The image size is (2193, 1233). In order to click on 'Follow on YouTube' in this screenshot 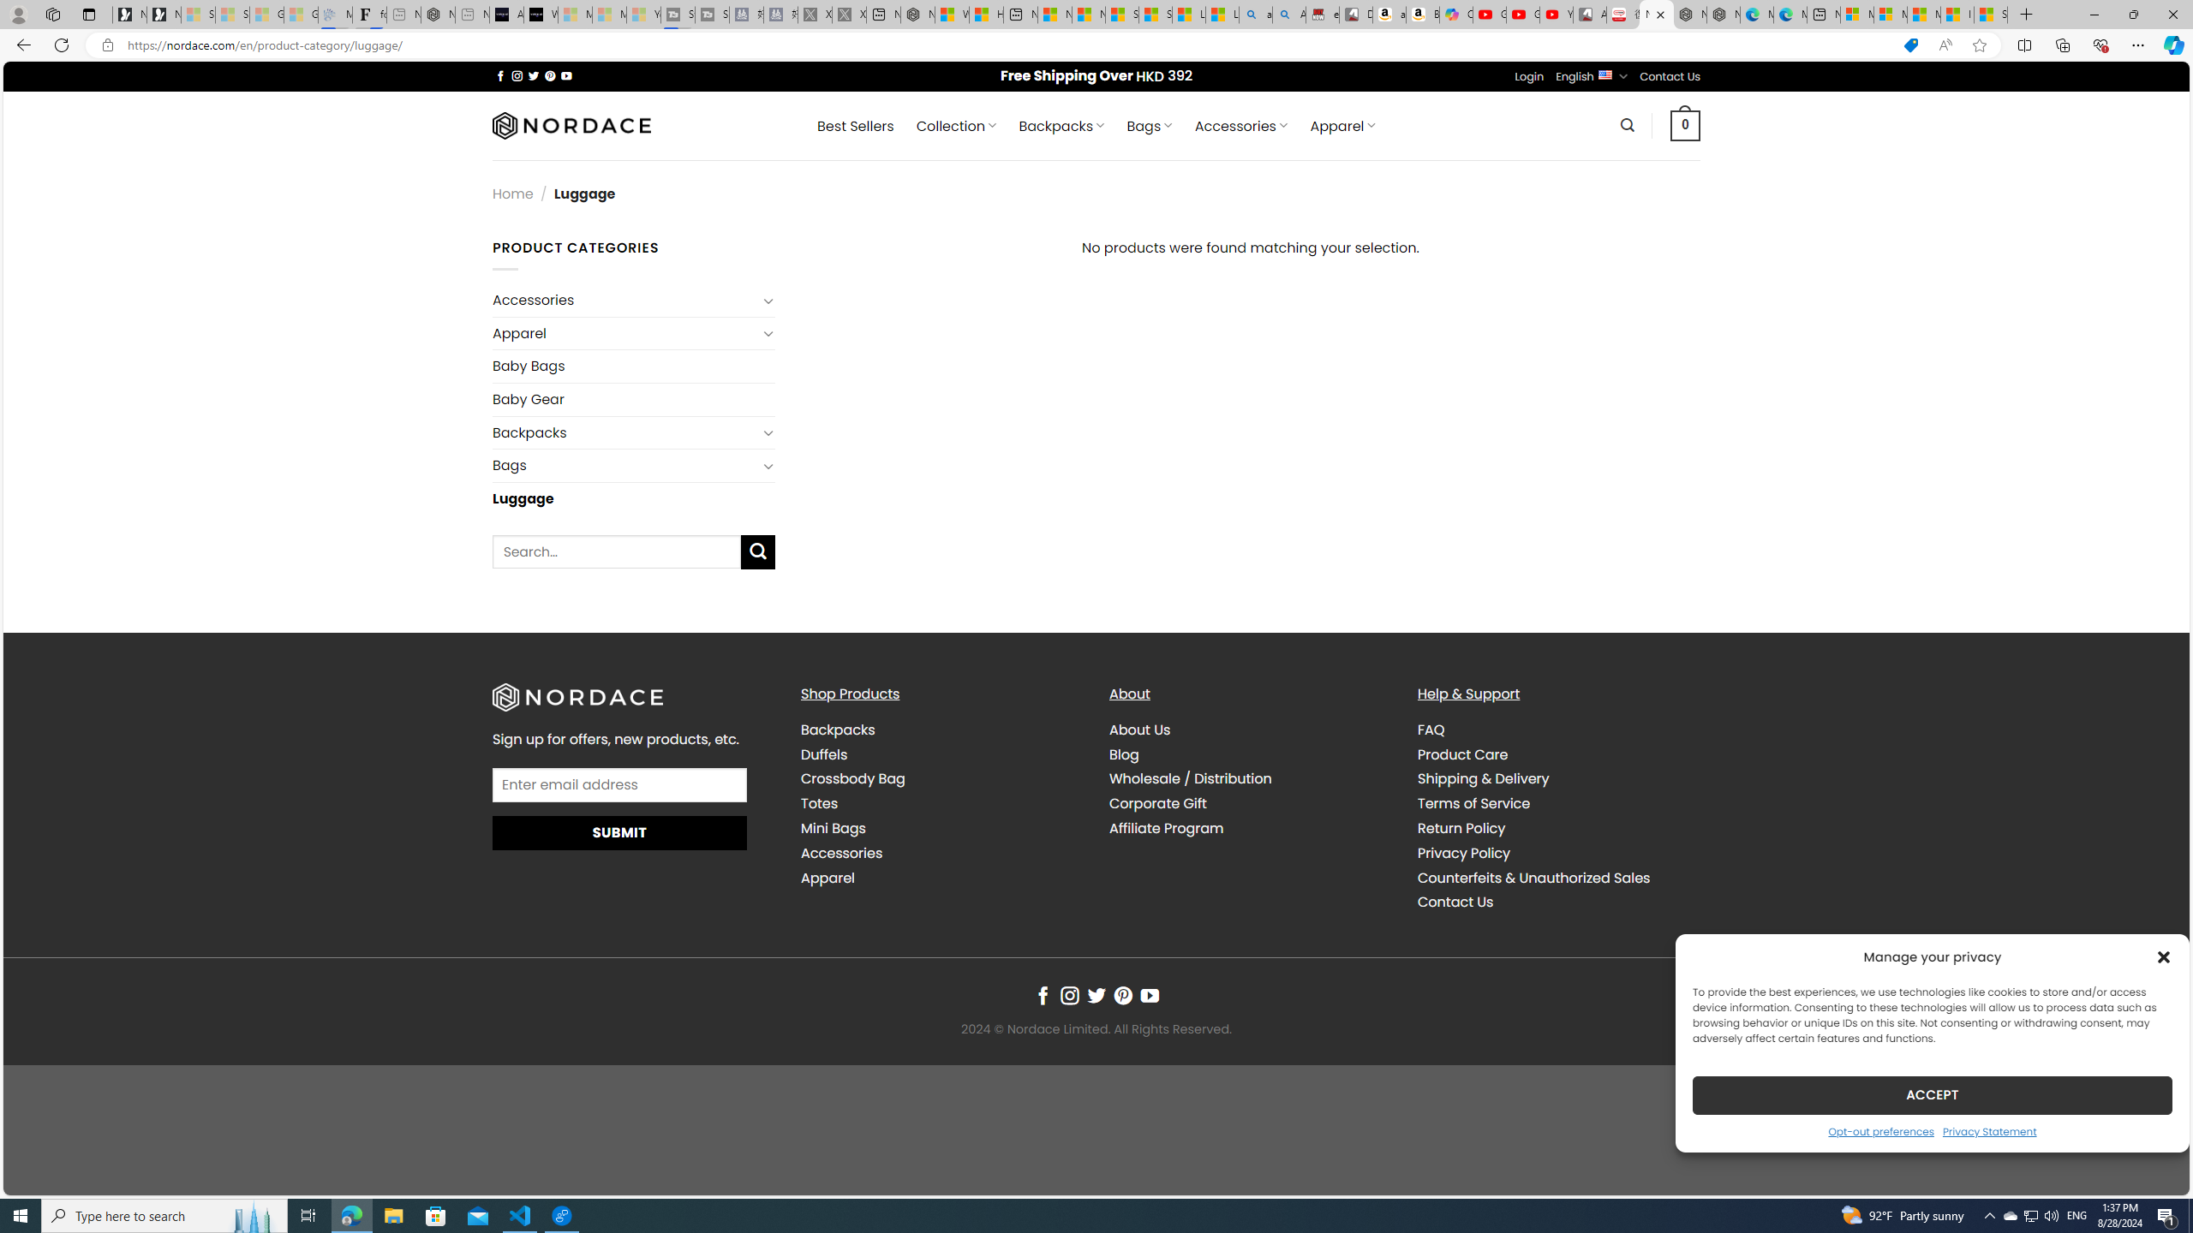, I will do `click(1149, 996)`.